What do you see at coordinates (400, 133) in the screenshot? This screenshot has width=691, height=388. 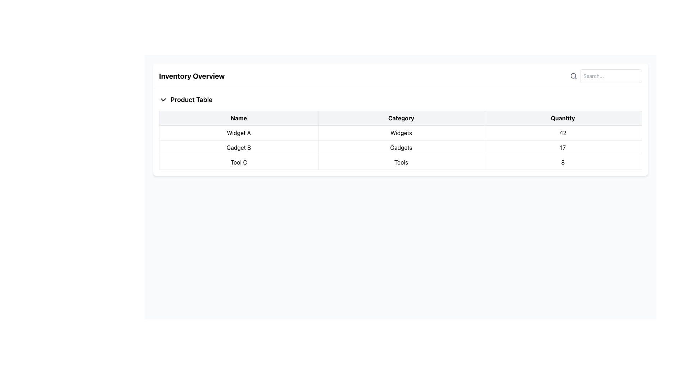 I see `the first row of the 'Product Table' containing 'Widget A', 'Widgets', and '42'` at bounding box center [400, 133].